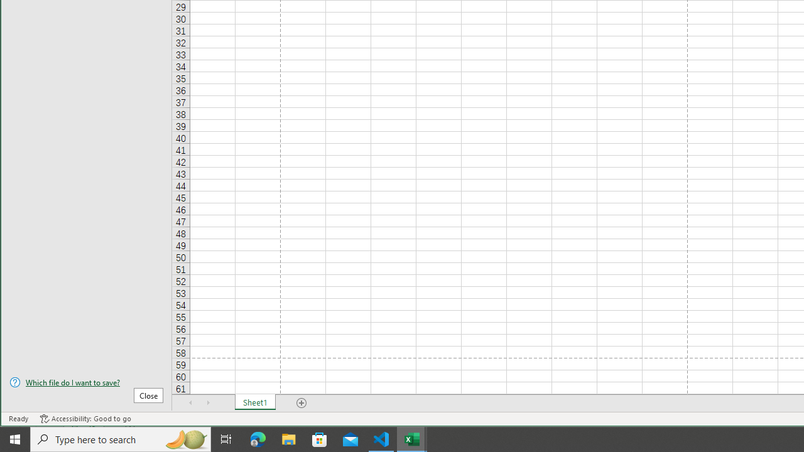 The image size is (804, 452). I want to click on 'Start', so click(15, 438).